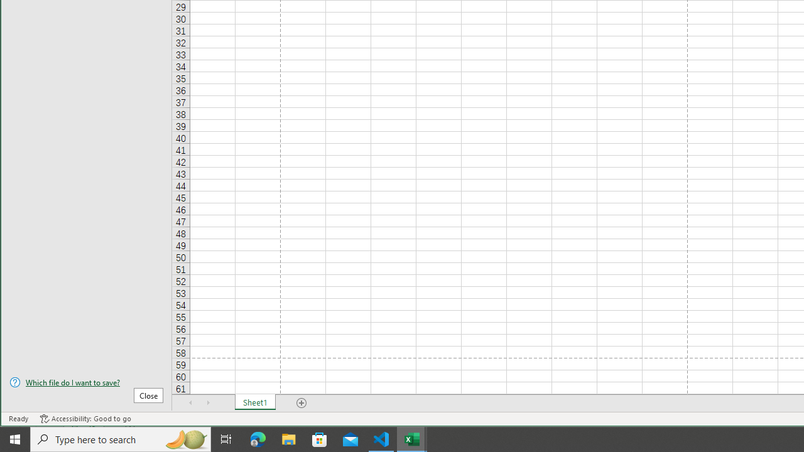 The image size is (804, 452). I want to click on 'Start', so click(15, 438).